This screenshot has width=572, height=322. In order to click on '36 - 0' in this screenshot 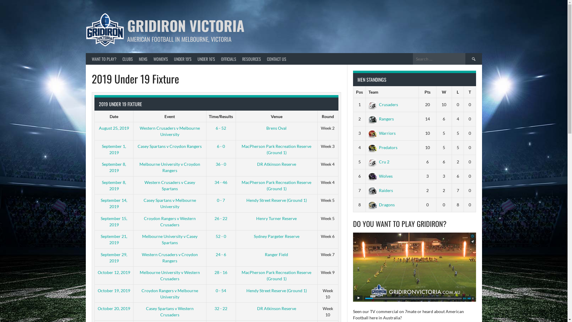, I will do `click(220, 164)`.